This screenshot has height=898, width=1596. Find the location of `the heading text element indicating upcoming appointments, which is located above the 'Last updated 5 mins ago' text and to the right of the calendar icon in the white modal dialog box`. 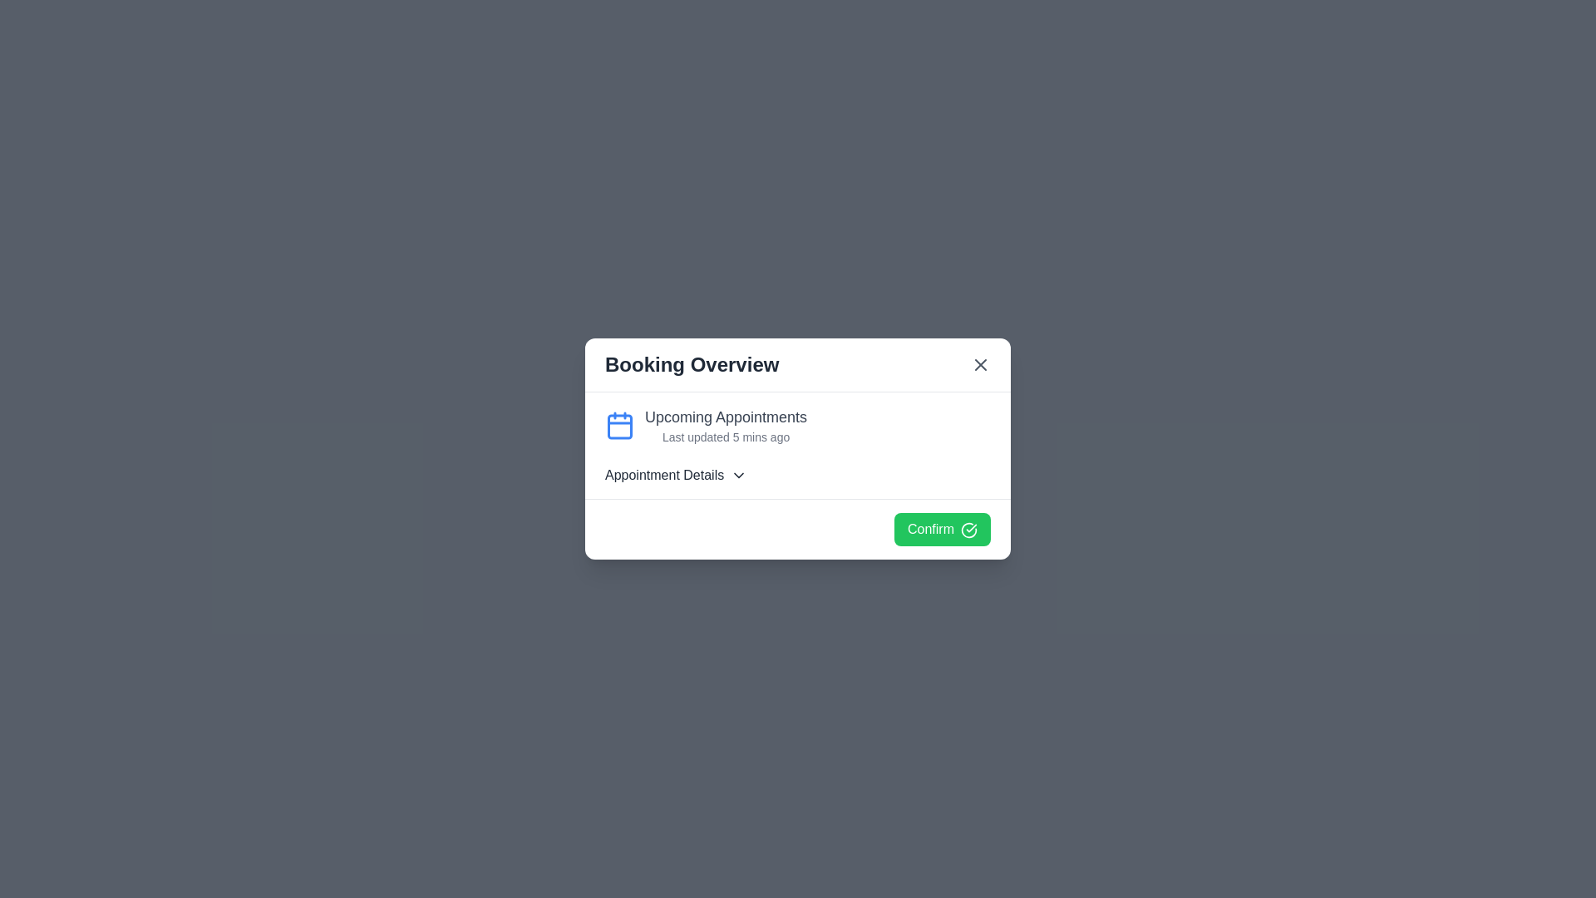

the heading text element indicating upcoming appointments, which is located above the 'Last updated 5 mins ago' text and to the right of the calendar icon in the white modal dialog box is located at coordinates (726, 416).